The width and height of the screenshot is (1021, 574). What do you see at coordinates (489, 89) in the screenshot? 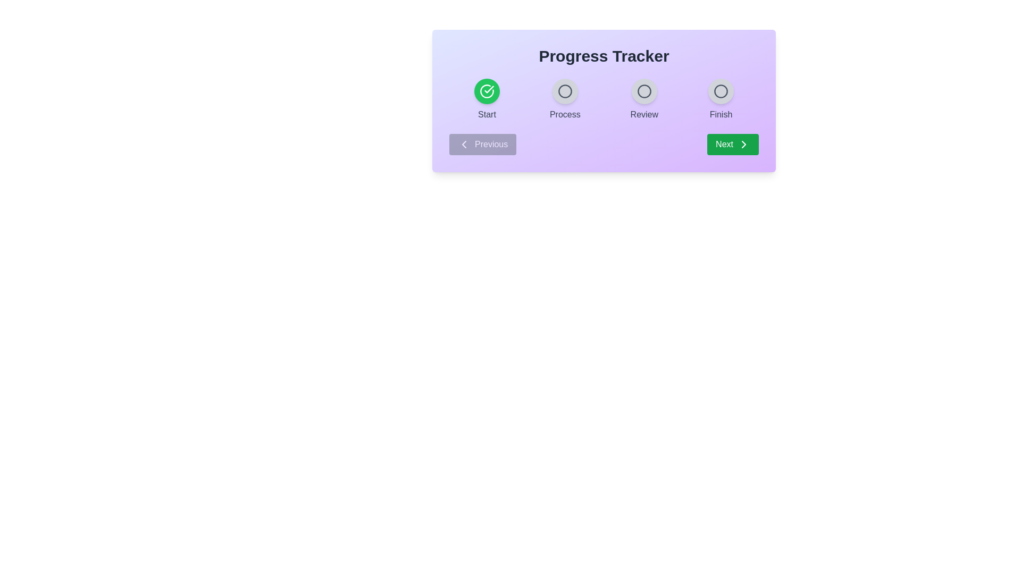
I see `the checkmark icon inside the green circular 'Start' icon of the progress tracker UI, which is the first step in the sequence` at bounding box center [489, 89].